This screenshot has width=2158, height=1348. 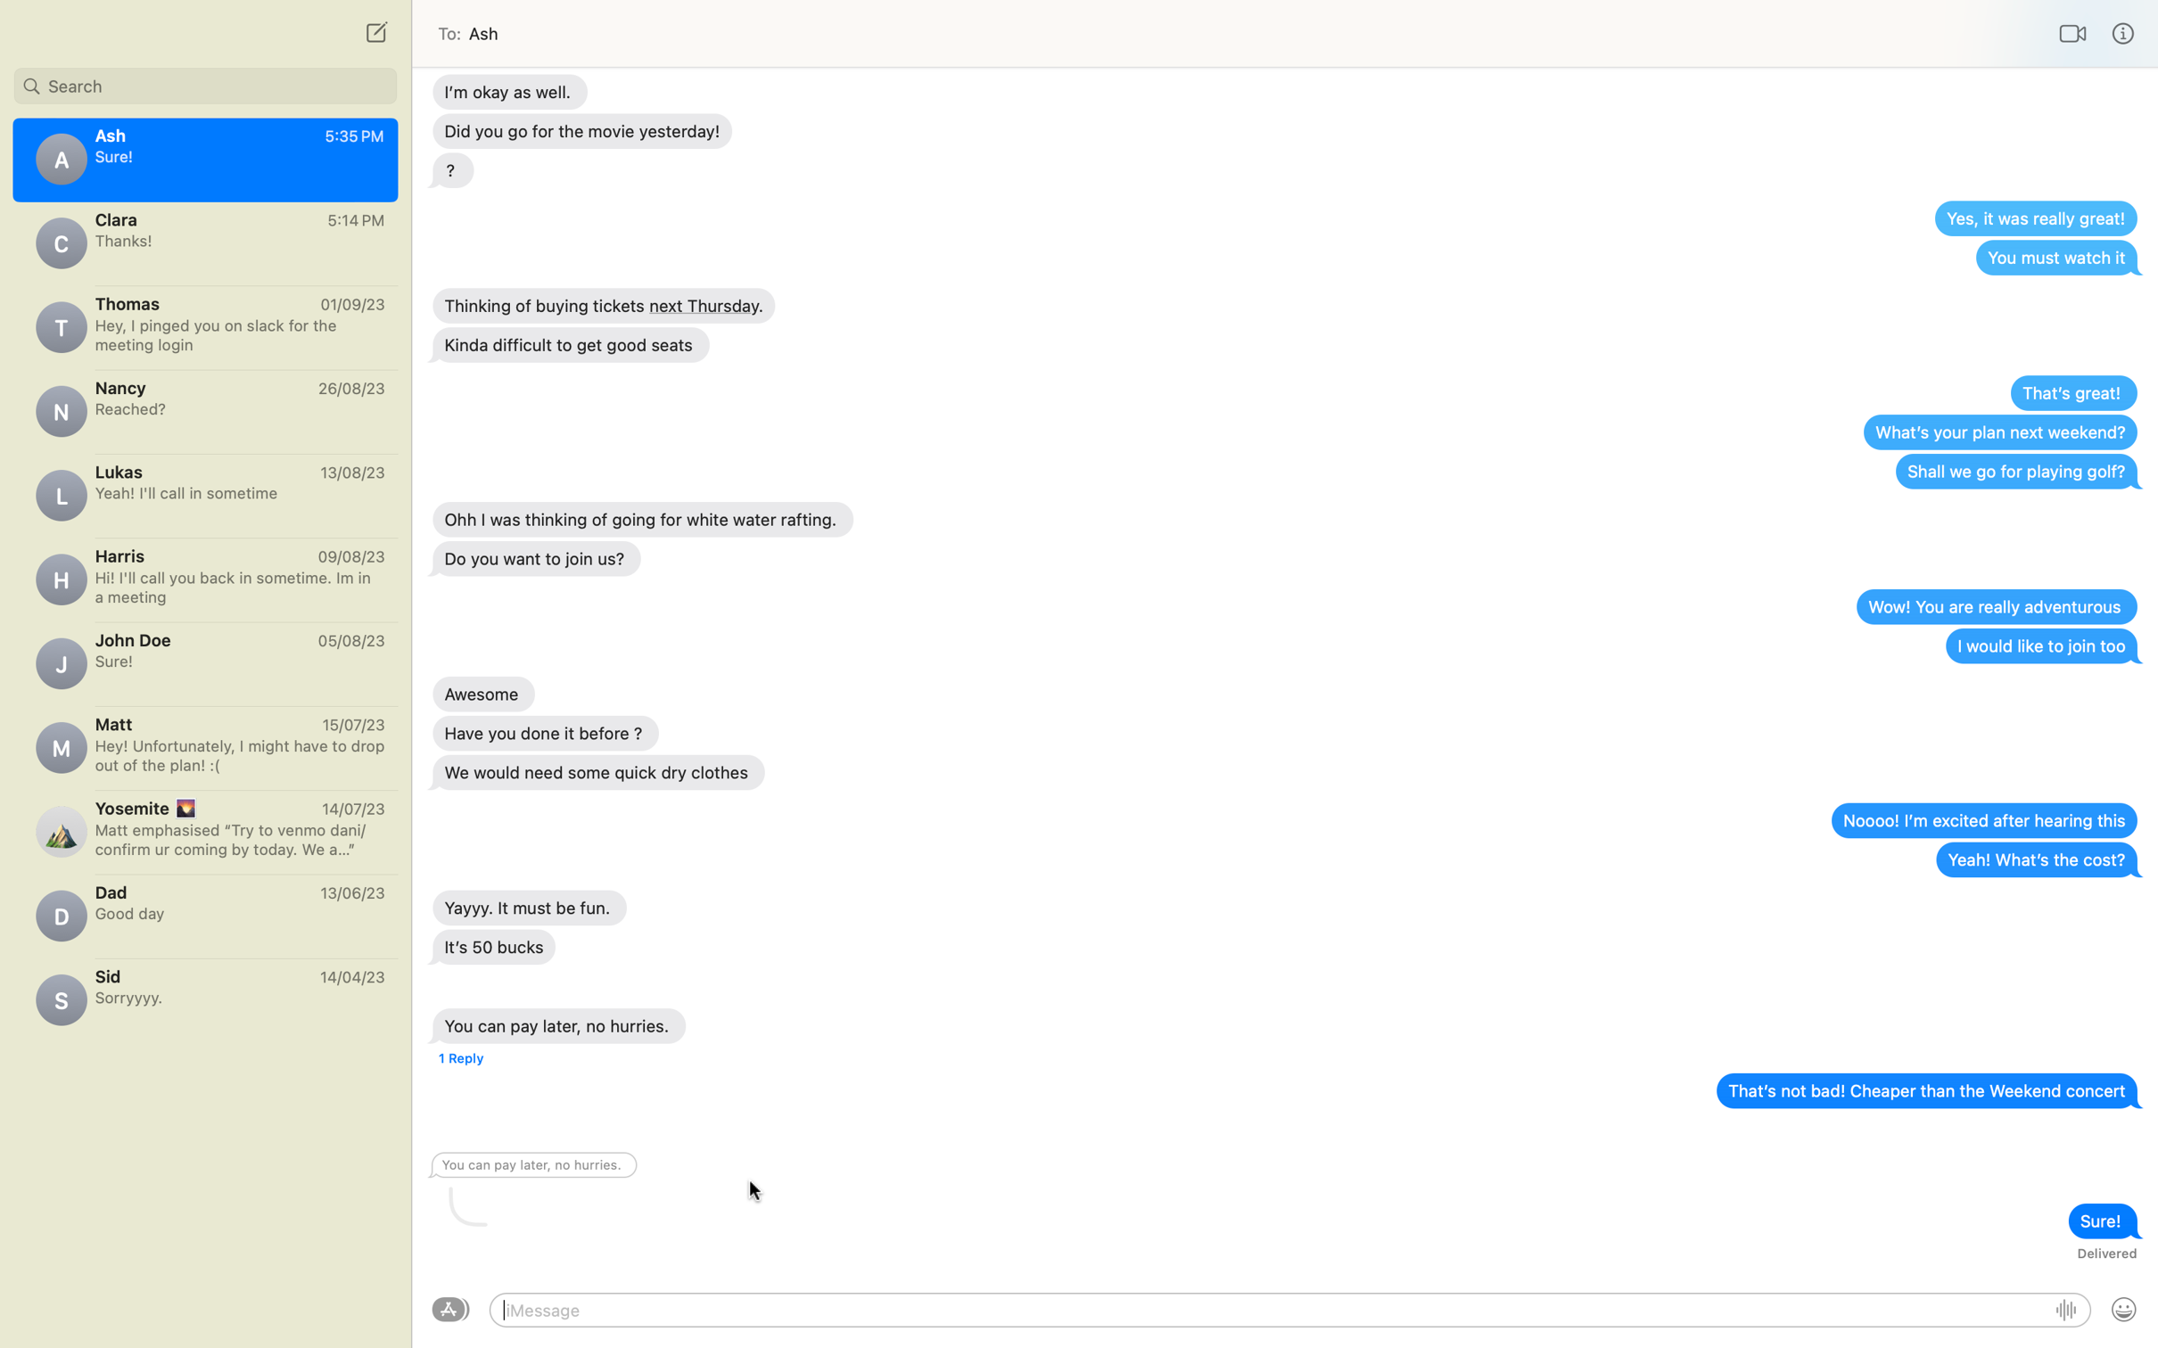 What do you see at coordinates (204, 407) in the screenshot?
I see `Text message Ash saying "Did you had fun?` at bounding box center [204, 407].